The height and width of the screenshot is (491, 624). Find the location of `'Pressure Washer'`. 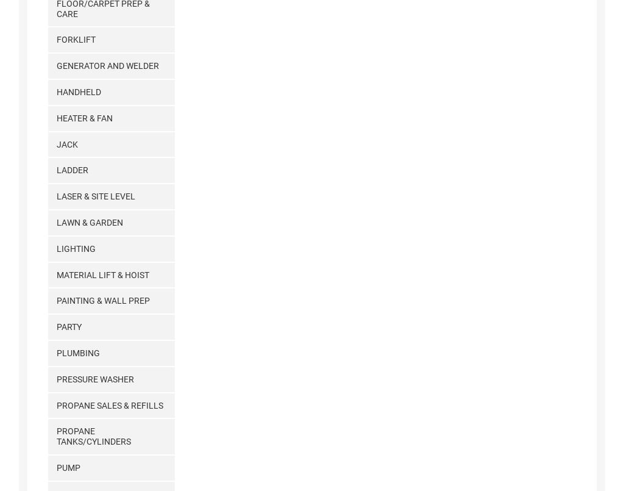

'Pressure Washer' is located at coordinates (55, 378).